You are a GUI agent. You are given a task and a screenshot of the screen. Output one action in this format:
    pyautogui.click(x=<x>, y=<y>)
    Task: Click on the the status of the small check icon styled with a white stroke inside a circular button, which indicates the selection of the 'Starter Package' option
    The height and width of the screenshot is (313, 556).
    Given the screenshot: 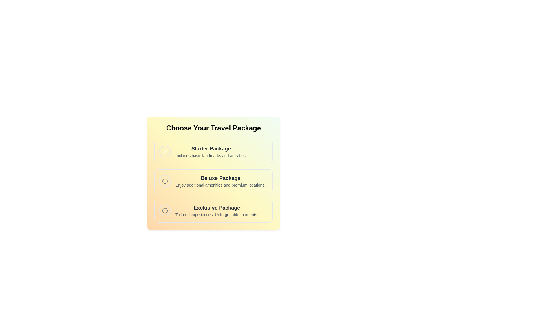 What is the action you would take?
    pyautogui.click(x=165, y=151)
    